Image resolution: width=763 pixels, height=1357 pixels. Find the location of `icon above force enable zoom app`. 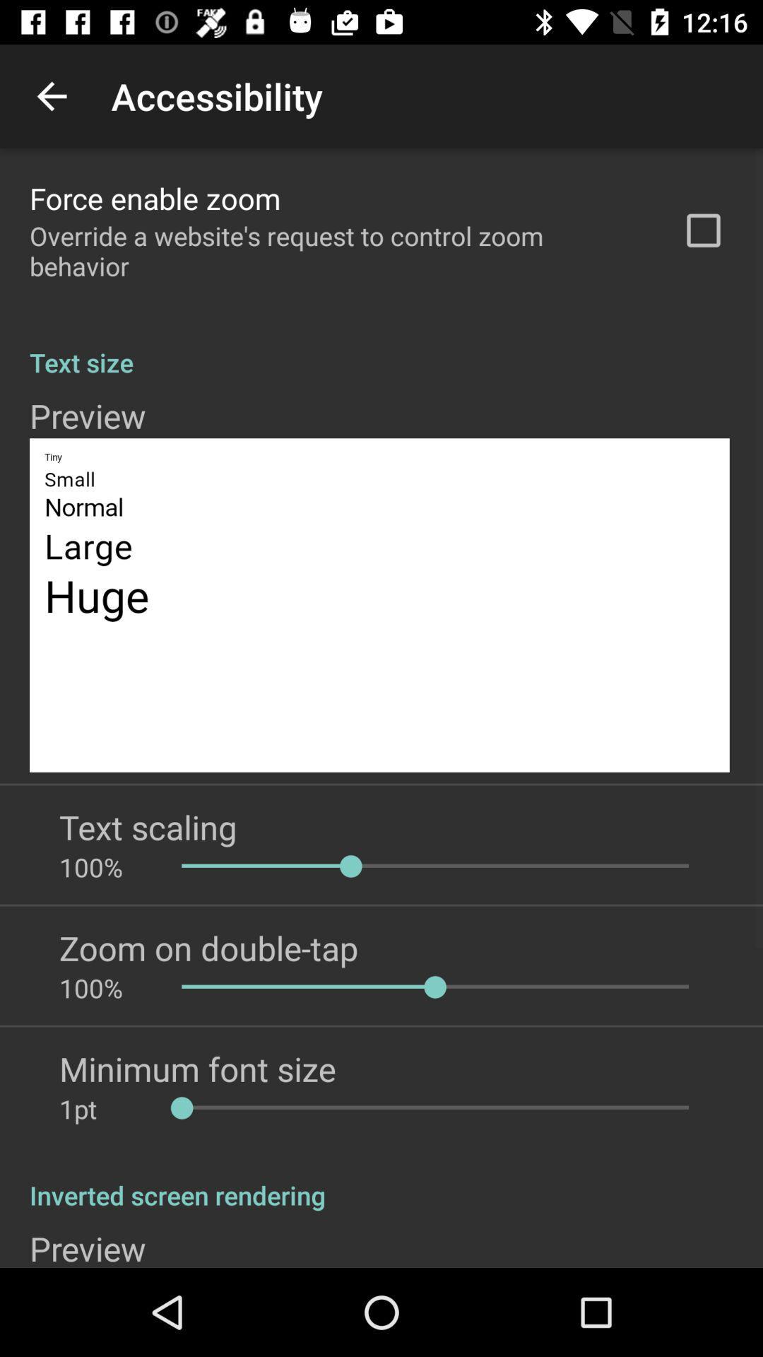

icon above force enable zoom app is located at coordinates (51, 95).